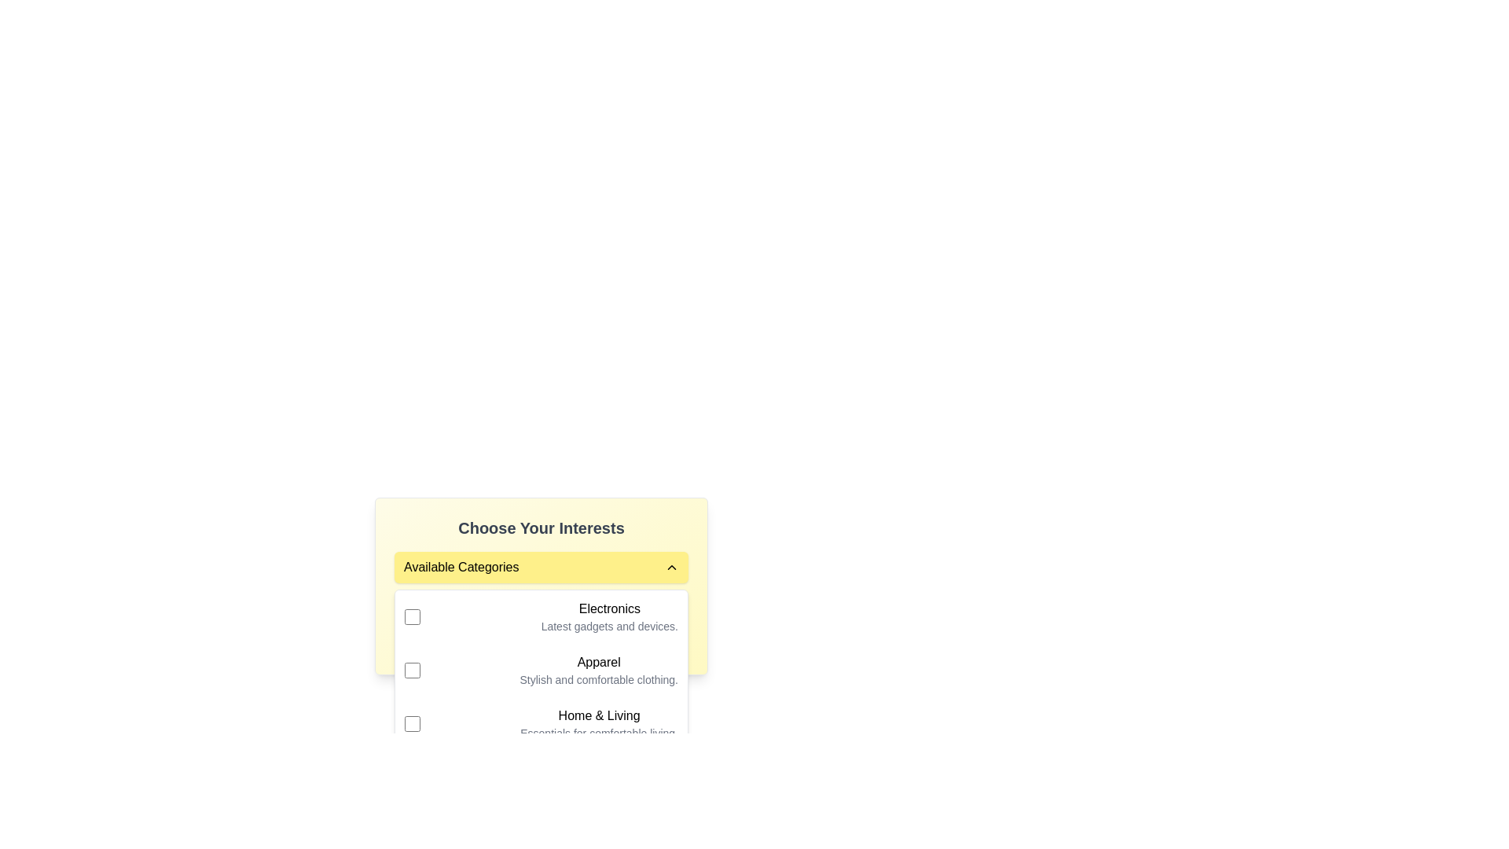 The width and height of the screenshot is (1509, 849). I want to click on the third checkbox in the 'Available Categories' list, so click(412, 724).